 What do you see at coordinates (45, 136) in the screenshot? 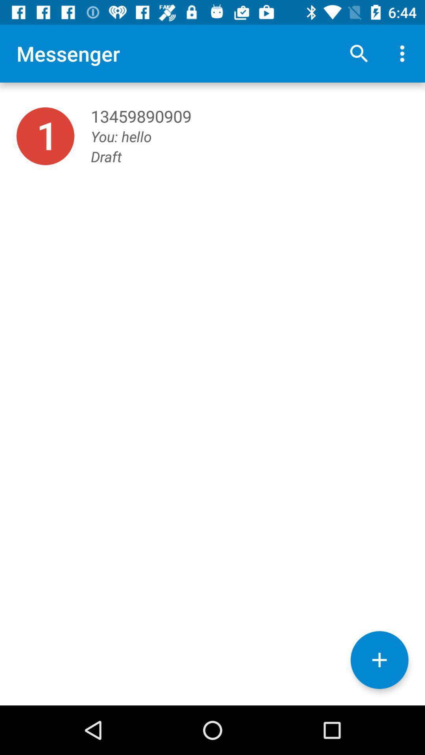
I see `the icon to the left of the 13459890909` at bounding box center [45, 136].